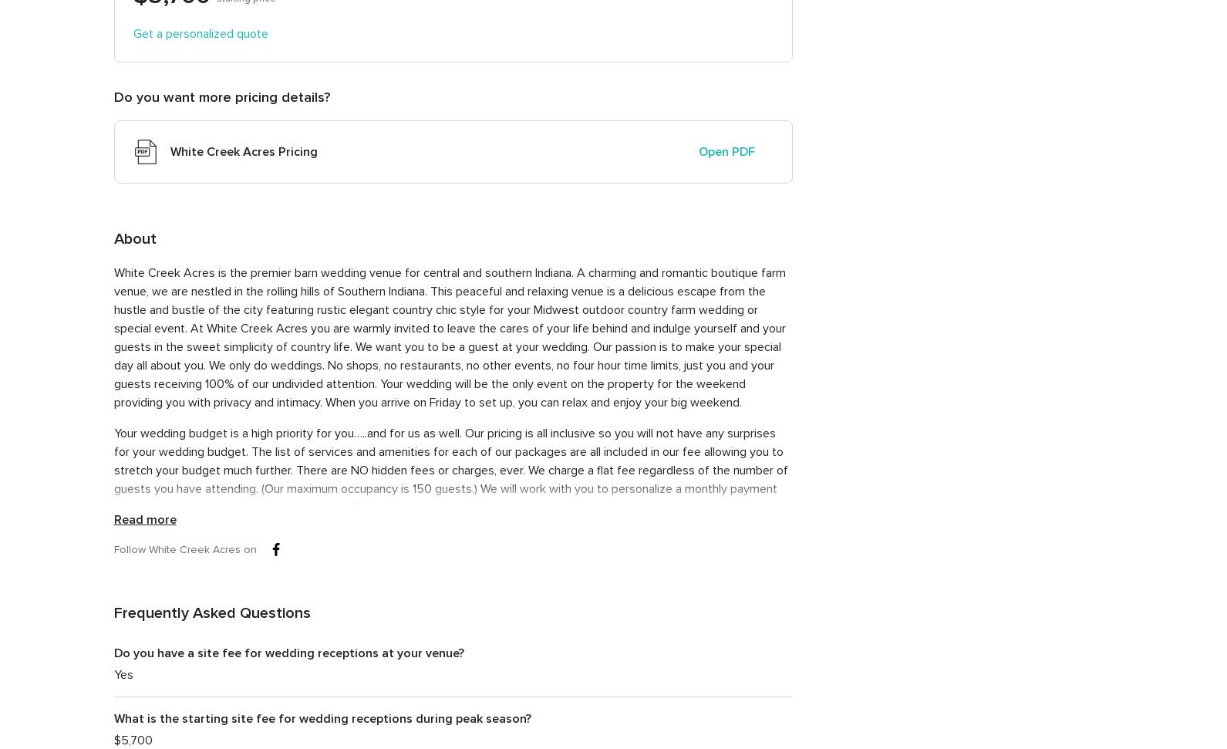 This screenshot has width=1227, height=749. I want to click on '(14) ·', so click(966, 349).